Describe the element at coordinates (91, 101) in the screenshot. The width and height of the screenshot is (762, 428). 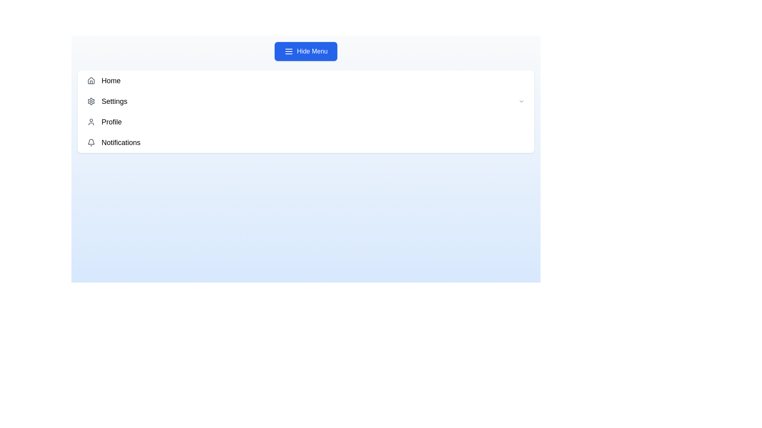
I see `the gear-shaped icon in the navigation menu` at that location.